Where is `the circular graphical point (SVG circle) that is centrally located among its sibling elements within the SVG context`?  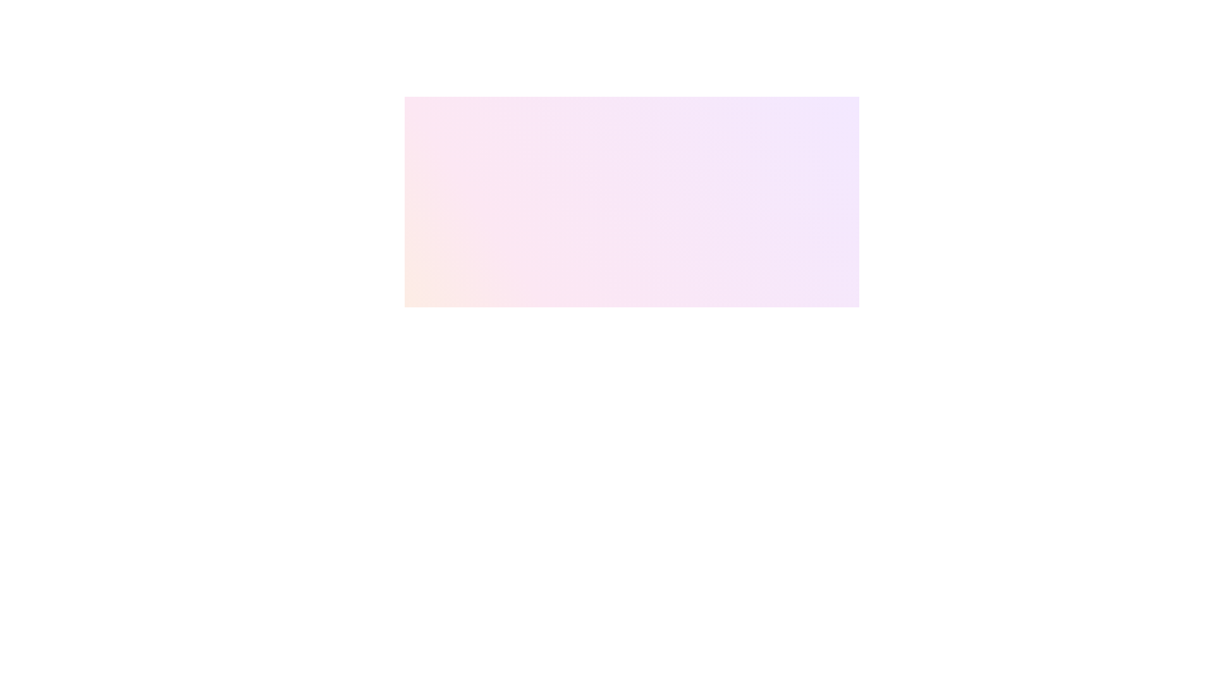 the circular graphical point (SVG circle) that is centrally located among its sibling elements within the SVG context is located at coordinates (671, 347).